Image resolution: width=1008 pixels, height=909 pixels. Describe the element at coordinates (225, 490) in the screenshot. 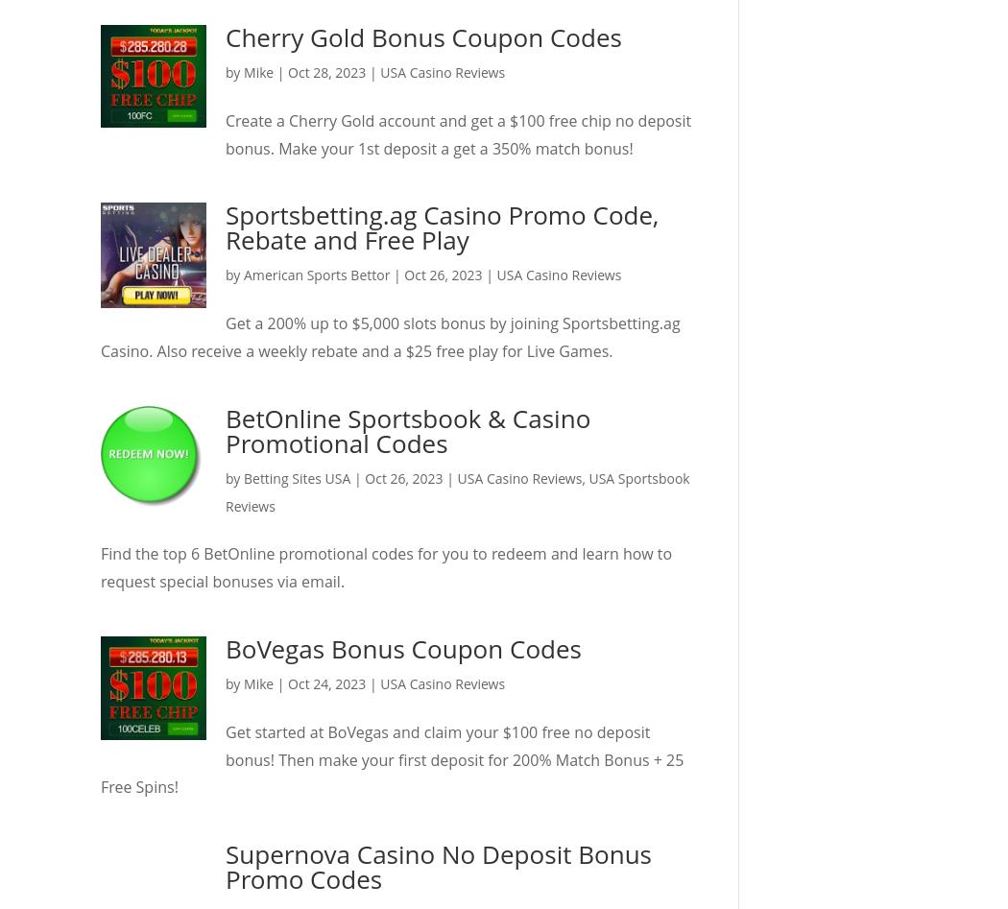

I see `'USA Sportsbook Reviews'` at that location.